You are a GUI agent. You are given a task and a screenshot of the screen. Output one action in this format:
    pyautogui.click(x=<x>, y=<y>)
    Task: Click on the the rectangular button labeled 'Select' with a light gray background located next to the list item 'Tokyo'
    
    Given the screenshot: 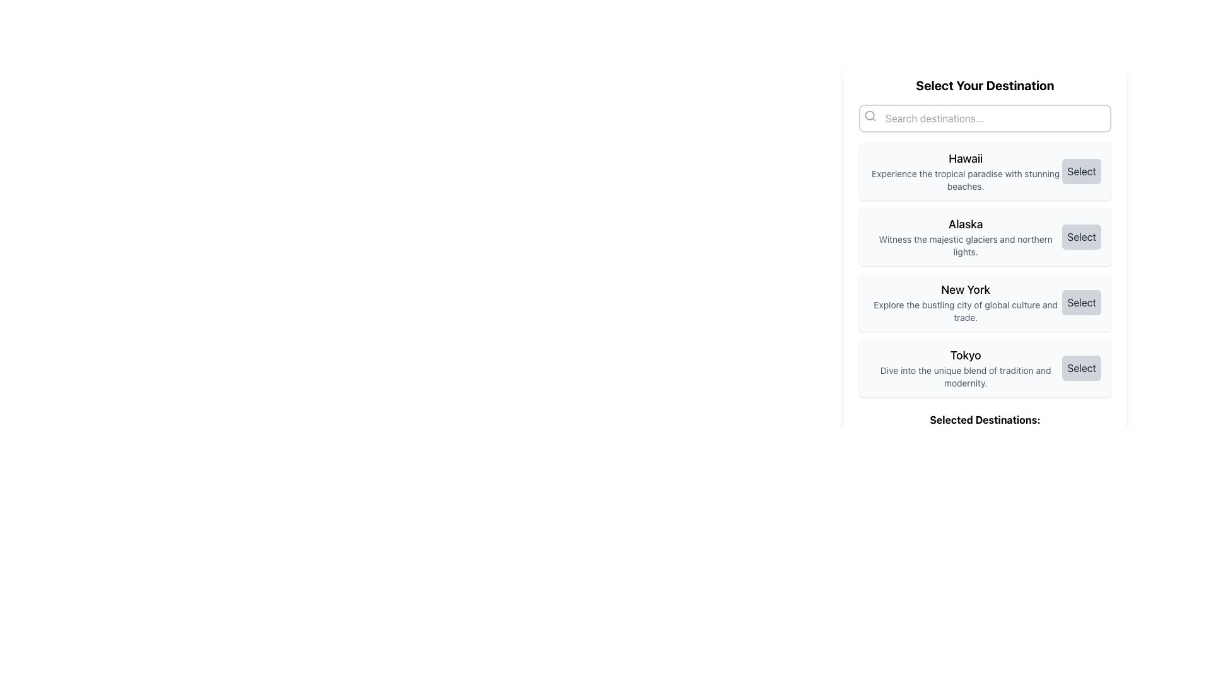 What is the action you would take?
    pyautogui.click(x=1081, y=368)
    